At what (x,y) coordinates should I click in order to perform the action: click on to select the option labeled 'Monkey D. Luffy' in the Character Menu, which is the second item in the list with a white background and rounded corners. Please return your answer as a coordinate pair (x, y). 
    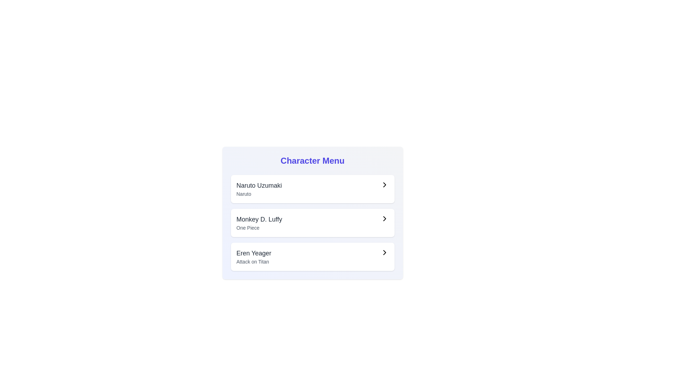
    Looking at the image, I should click on (312, 223).